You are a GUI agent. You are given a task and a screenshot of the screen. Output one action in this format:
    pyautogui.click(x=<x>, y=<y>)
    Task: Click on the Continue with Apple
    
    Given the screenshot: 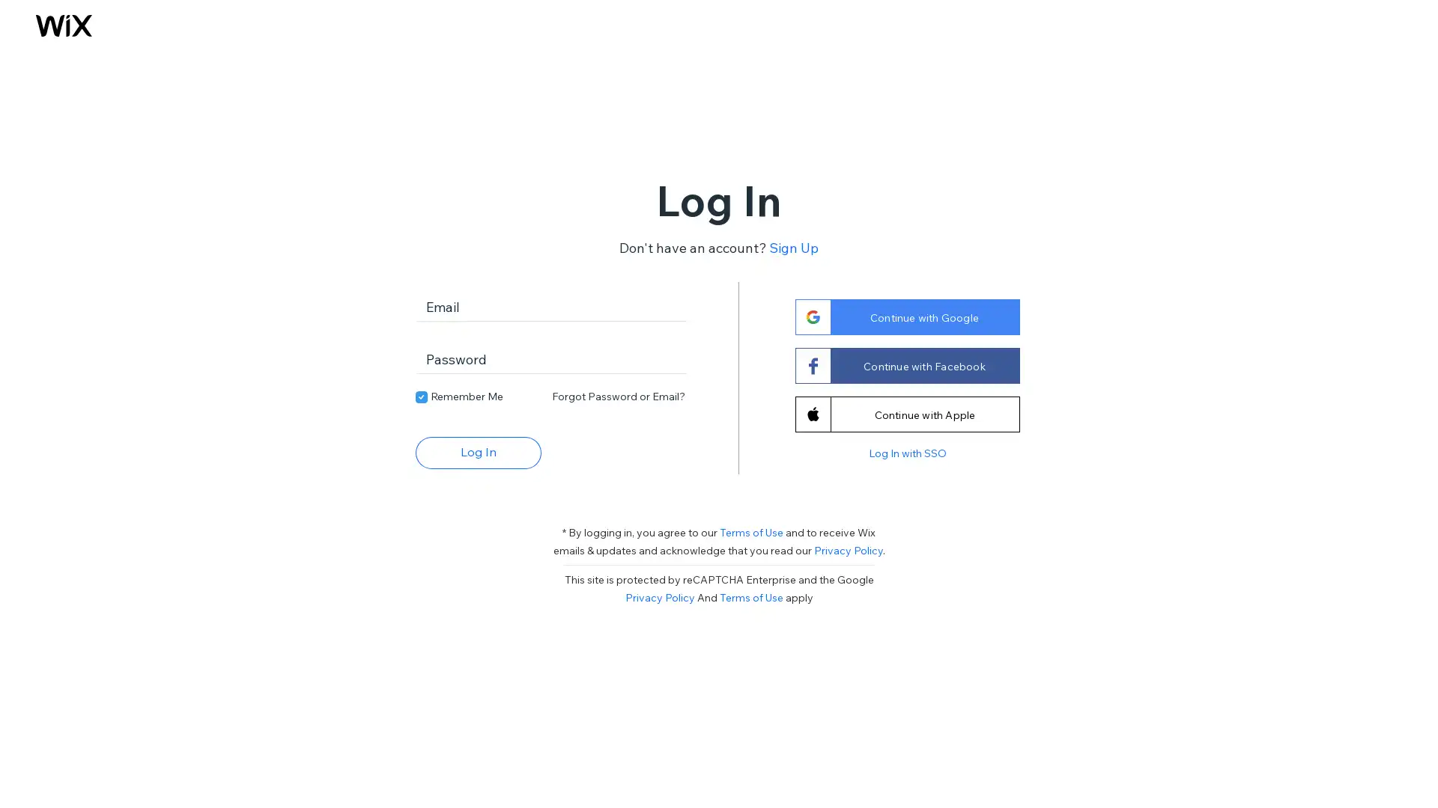 What is the action you would take?
    pyautogui.click(x=905, y=413)
    